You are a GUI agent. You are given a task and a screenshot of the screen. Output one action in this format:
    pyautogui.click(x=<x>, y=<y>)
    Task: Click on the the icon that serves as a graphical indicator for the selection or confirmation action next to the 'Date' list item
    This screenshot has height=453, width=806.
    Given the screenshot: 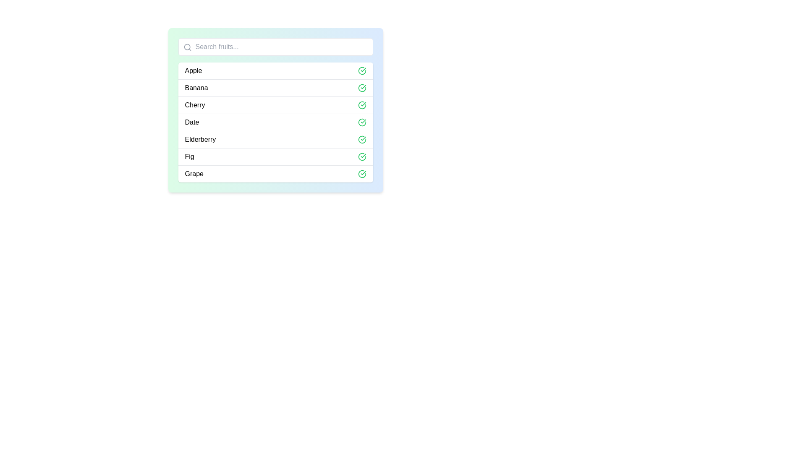 What is the action you would take?
    pyautogui.click(x=362, y=122)
    